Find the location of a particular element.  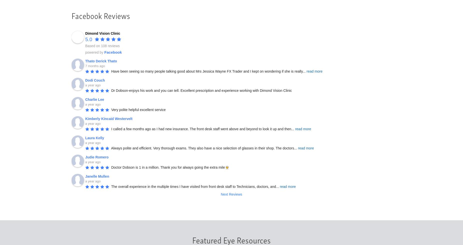

'Facebook Reviews' is located at coordinates (100, 15).